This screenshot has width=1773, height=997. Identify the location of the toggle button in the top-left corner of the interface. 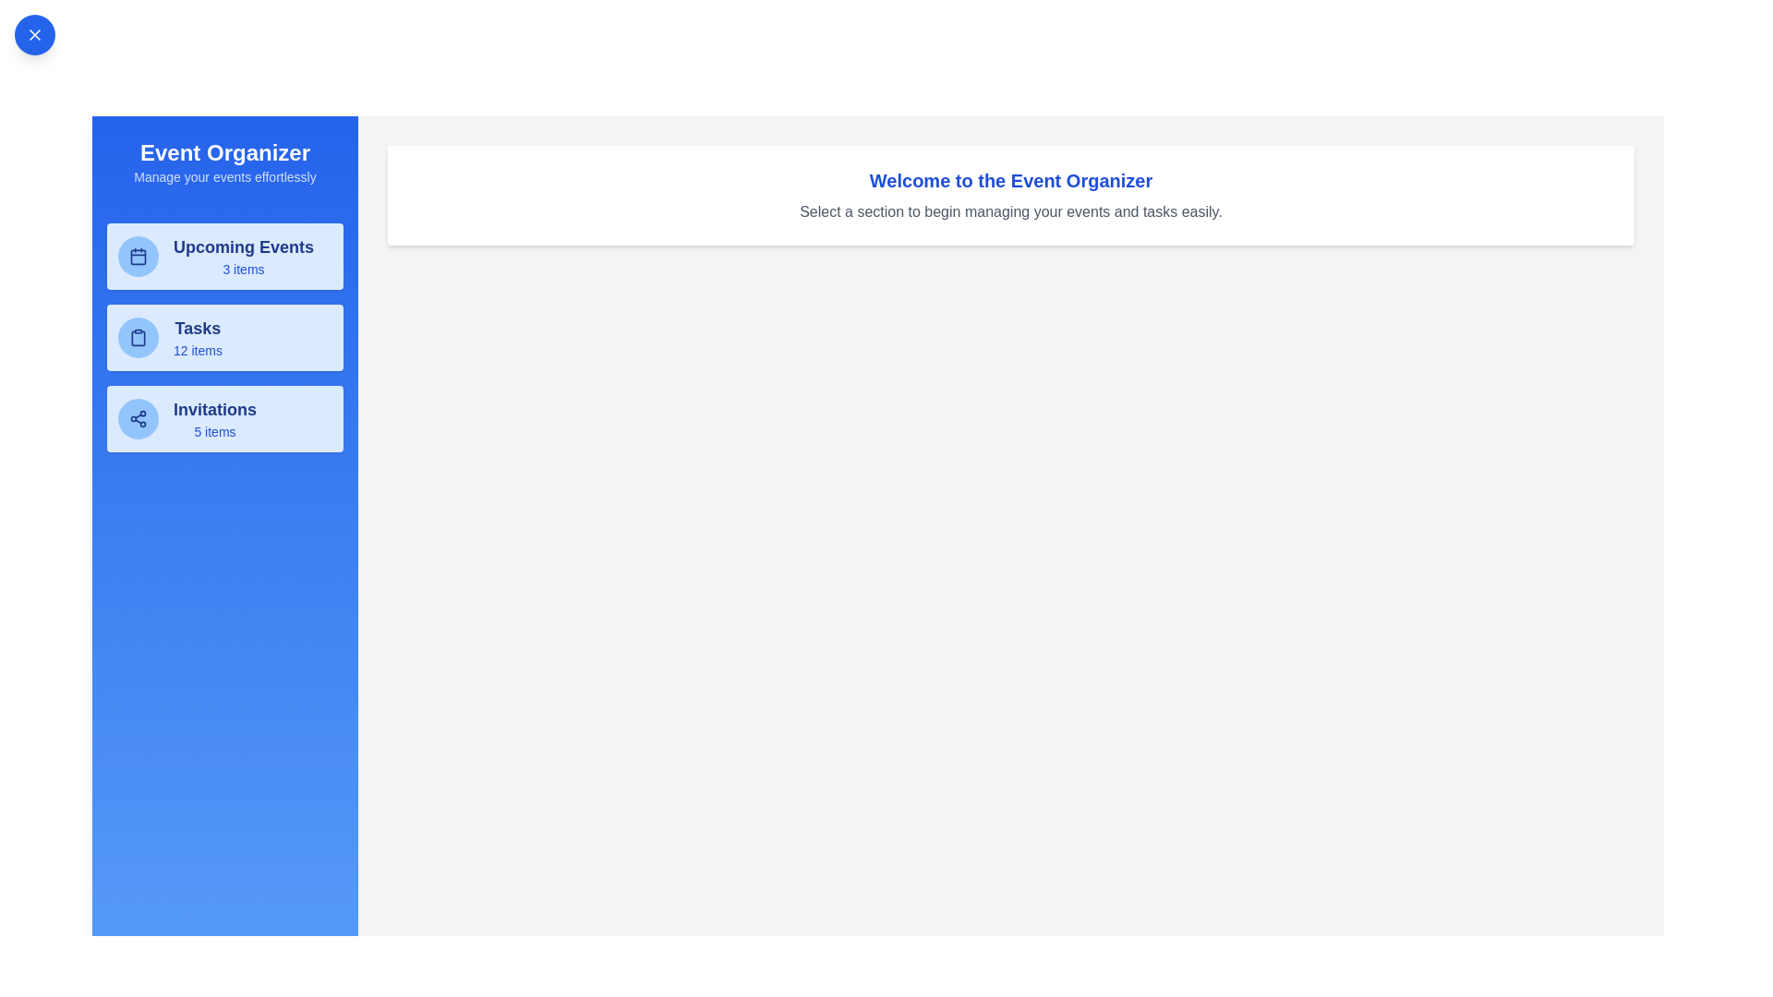
(35, 35).